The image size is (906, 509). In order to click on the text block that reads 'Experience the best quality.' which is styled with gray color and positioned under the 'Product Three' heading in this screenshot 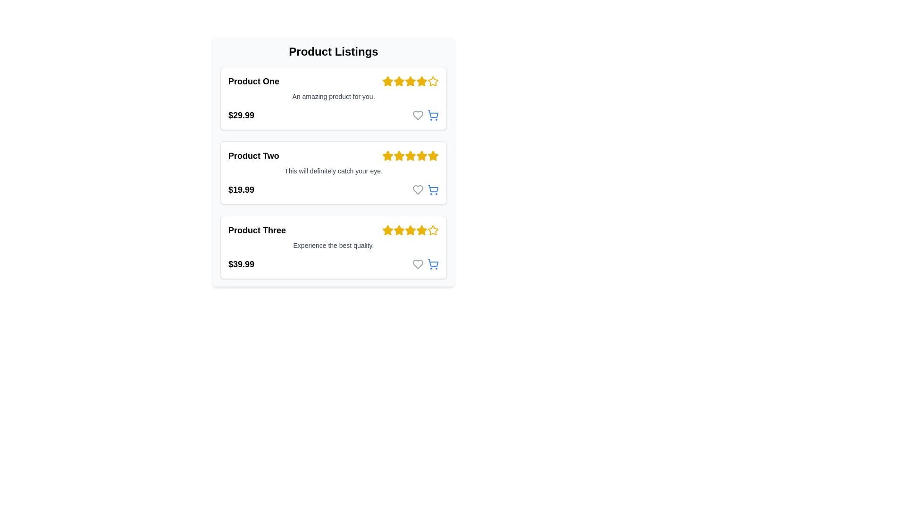, I will do `click(333, 245)`.